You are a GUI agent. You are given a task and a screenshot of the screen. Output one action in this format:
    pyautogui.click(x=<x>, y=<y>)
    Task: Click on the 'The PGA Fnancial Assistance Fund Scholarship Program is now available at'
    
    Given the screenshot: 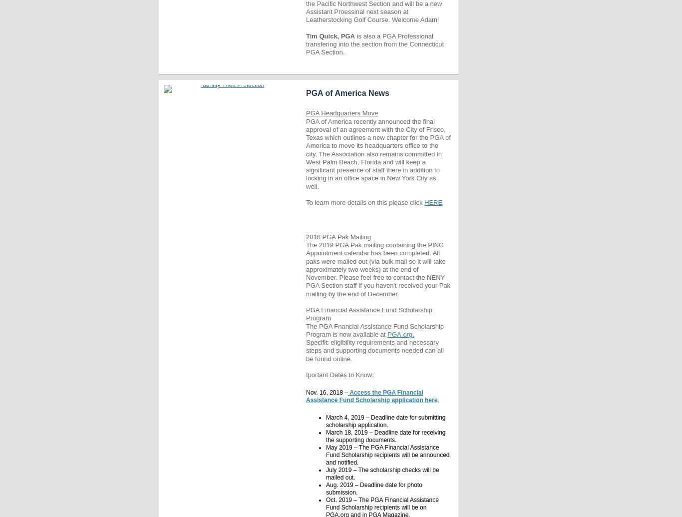 What is the action you would take?
    pyautogui.click(x=375, y=329)
    